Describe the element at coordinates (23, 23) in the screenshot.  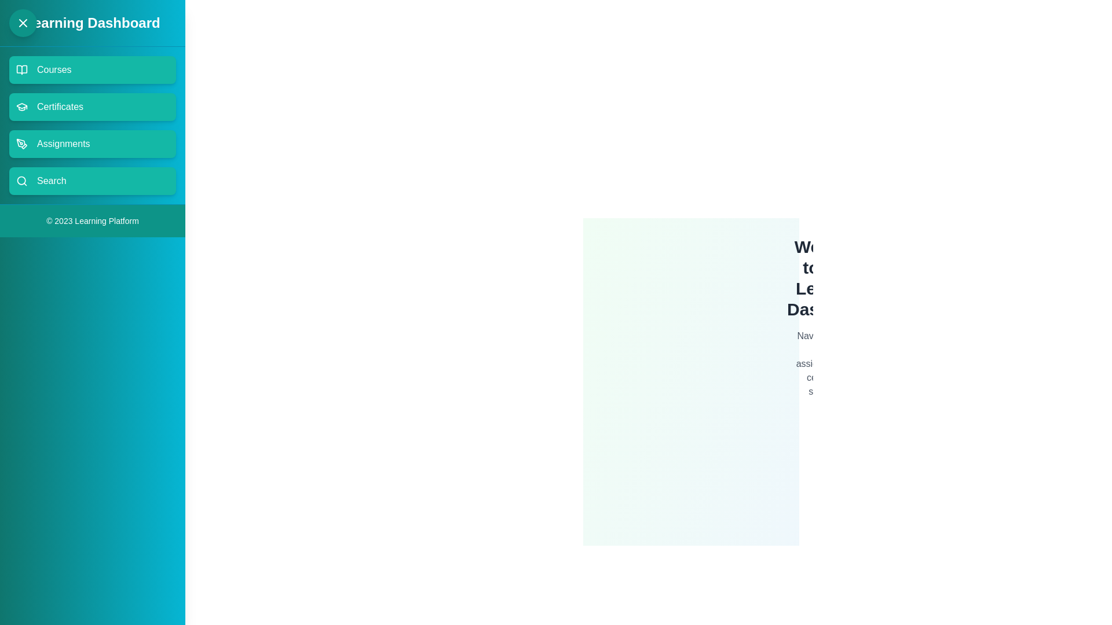
I see `the Close button (SVG-based) located near the top-left corner of the interface, which is inside a circular button-like area adjacent to the 'Learning Dashboard' text on the sidebar for interactive effects` at that location.